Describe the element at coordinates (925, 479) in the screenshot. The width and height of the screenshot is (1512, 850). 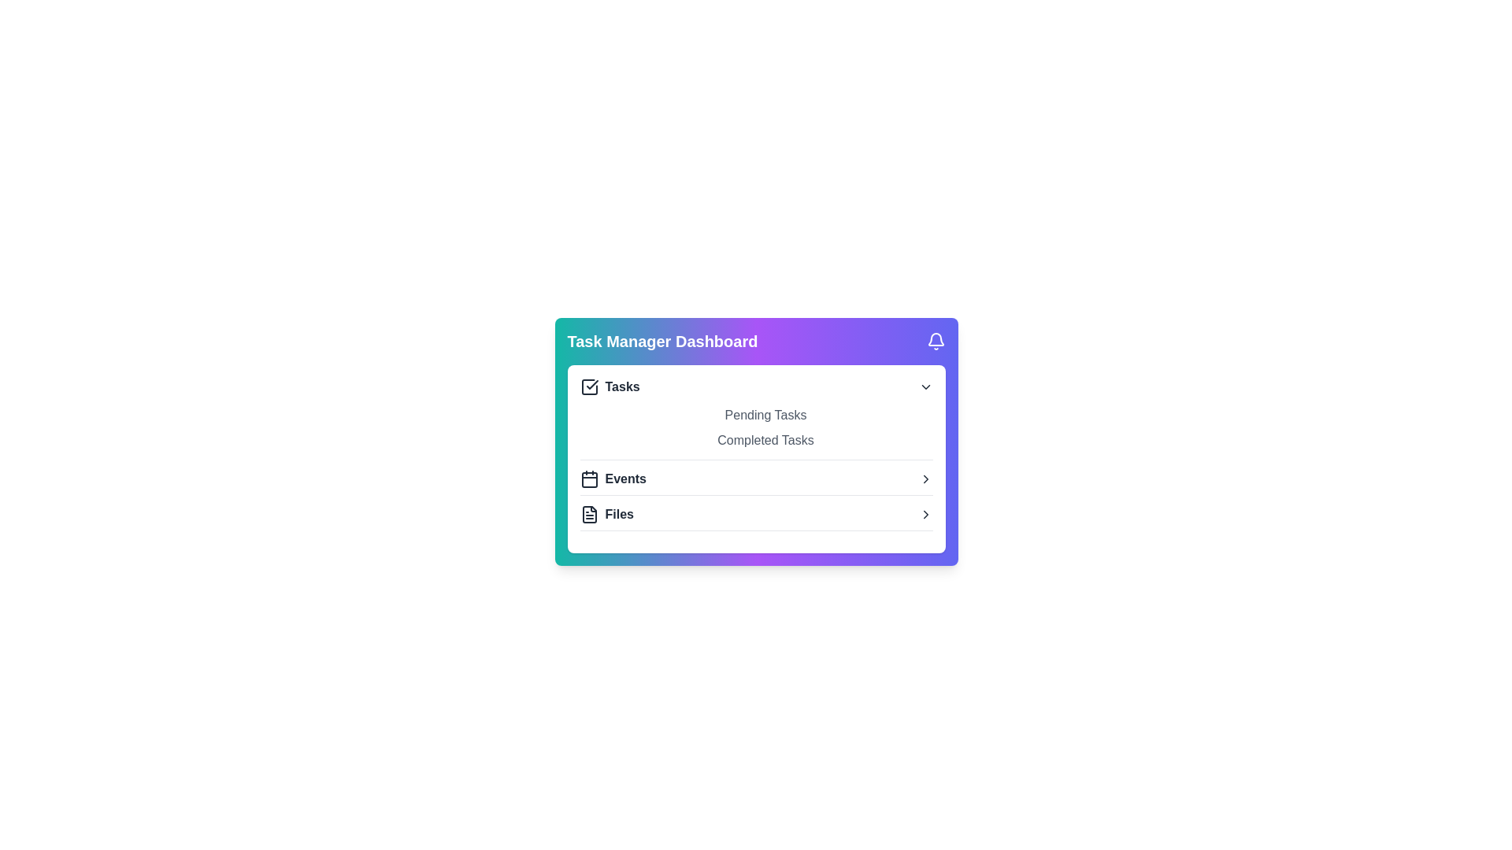
I see `the right-pointing chevron icon next to the 'Events' section` at that location.